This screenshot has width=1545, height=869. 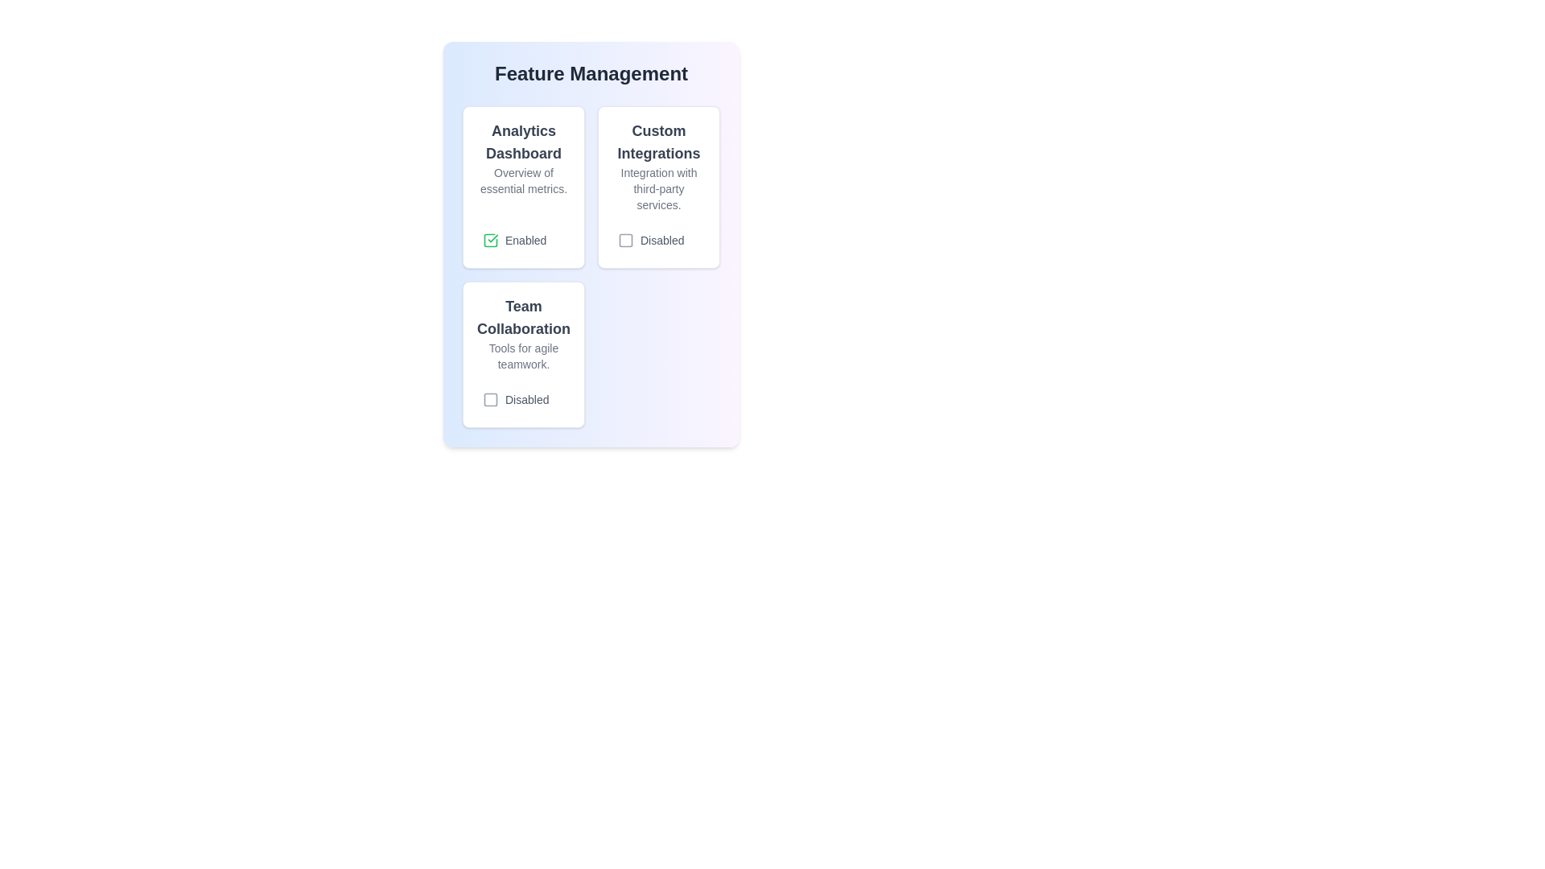 I want to click on the text label that contains the word 'Disabled', which is styled in gray color and small font, located to the right of a checkbox icon in the 'Team Collaboration' section, so click(x=527, y=399).